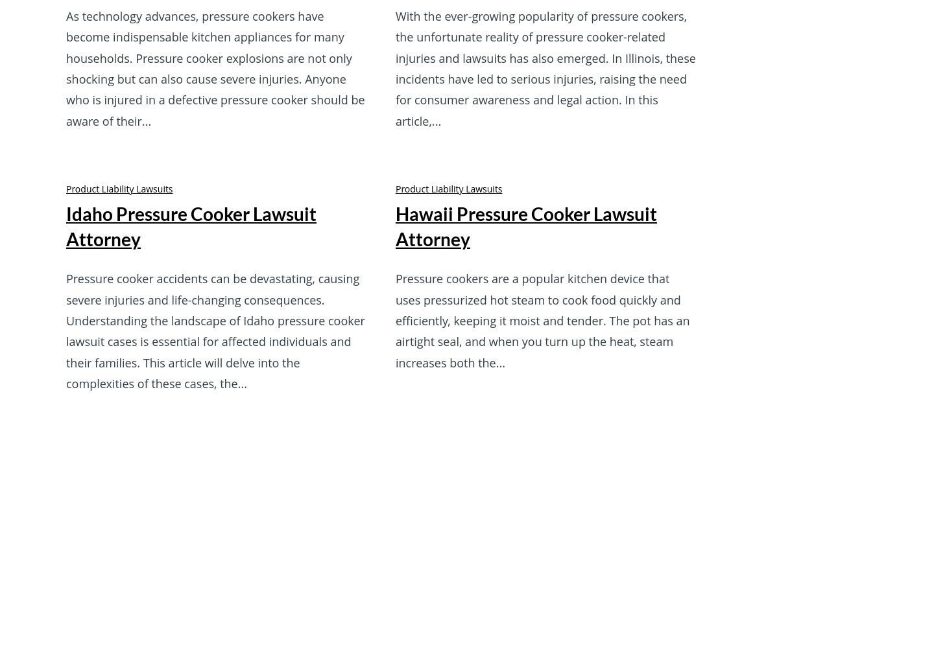 This screenshot has height=670, width=934. I want to click on 'Practice Areas', so click(505, 329).